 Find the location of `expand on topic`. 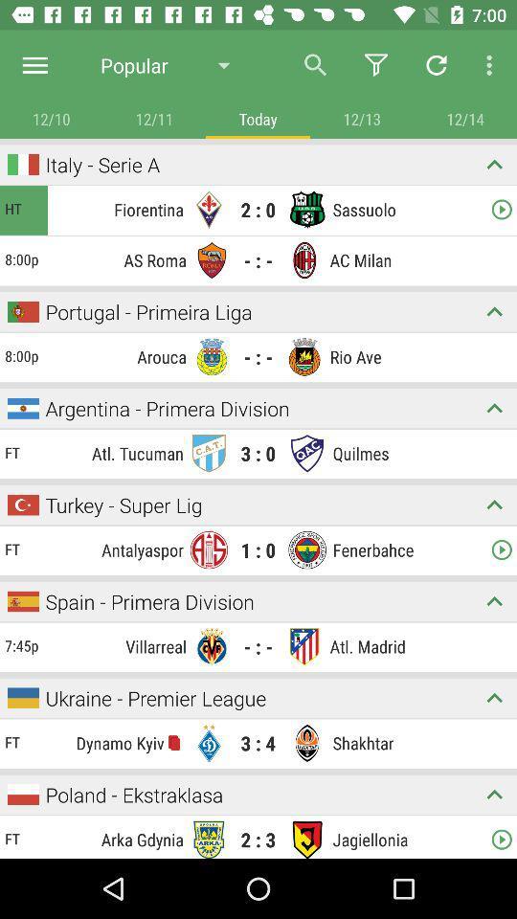

expand on topic is located at coordinates (494, 408).